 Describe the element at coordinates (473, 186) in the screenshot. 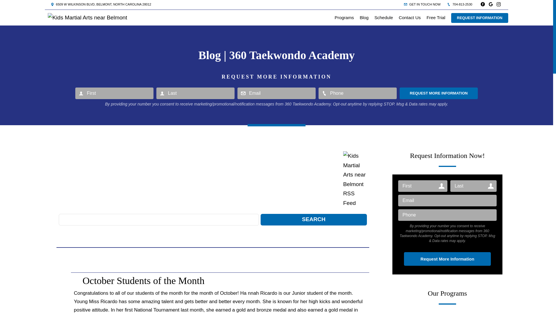

I see `'Last'` at that location.